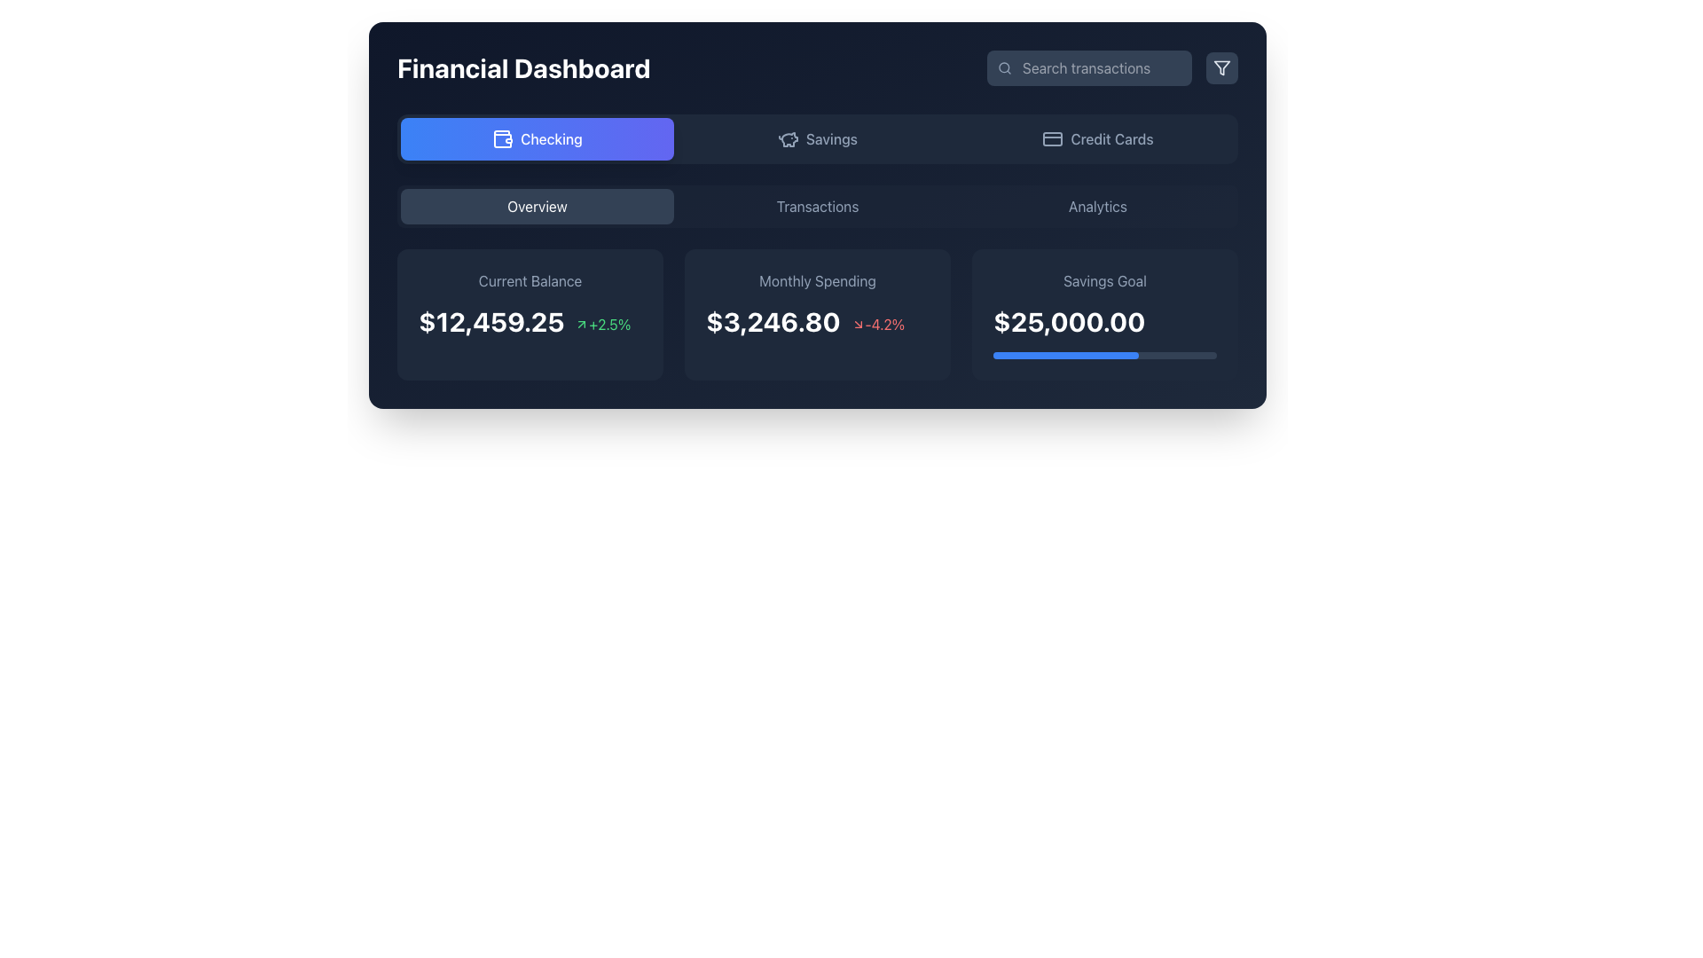  I want to click on the 'Savings' label in the navigation menu, which is styled in medium-weight gray font and is located adjacent to the 'Checking' and 'Credit Cards' options, so click(830, 138).